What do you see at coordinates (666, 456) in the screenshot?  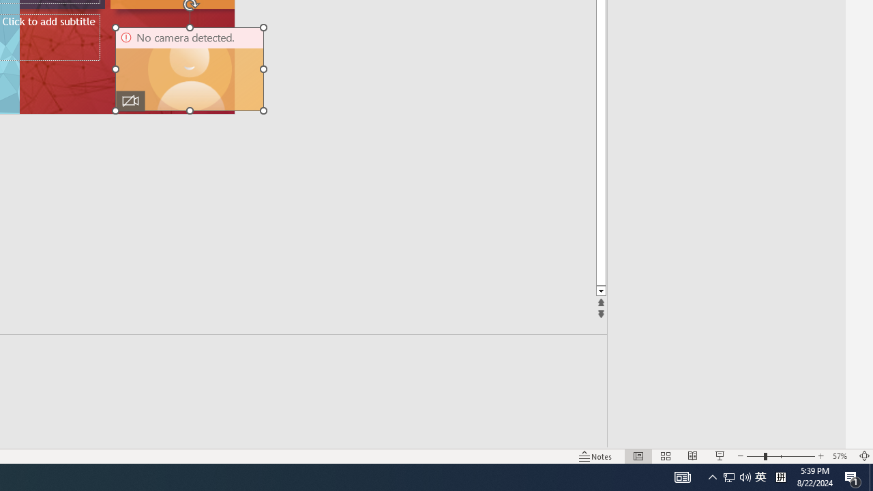 I see `'Slide Sorter'` at bounding box center [666, 456].